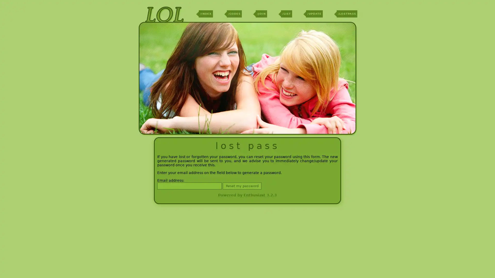 This screenshot has width=495, height=278. I want to click on Reset my password, so click(242, 186).